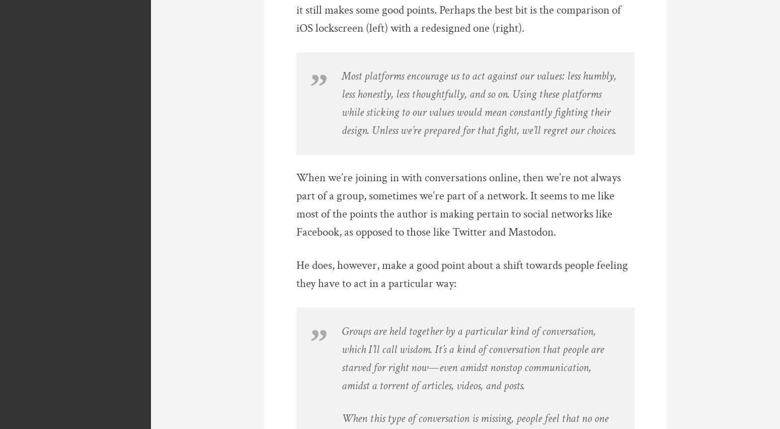  I want to click on 'When we’re joining in with conversations online, then we’re not always part of a group, sometimes we’re part of a network. It seems to me like most of the points the author is making pertain to social networks like Facebook, as opposed to those like Twitter and Mastodon.', so click(458, 205).